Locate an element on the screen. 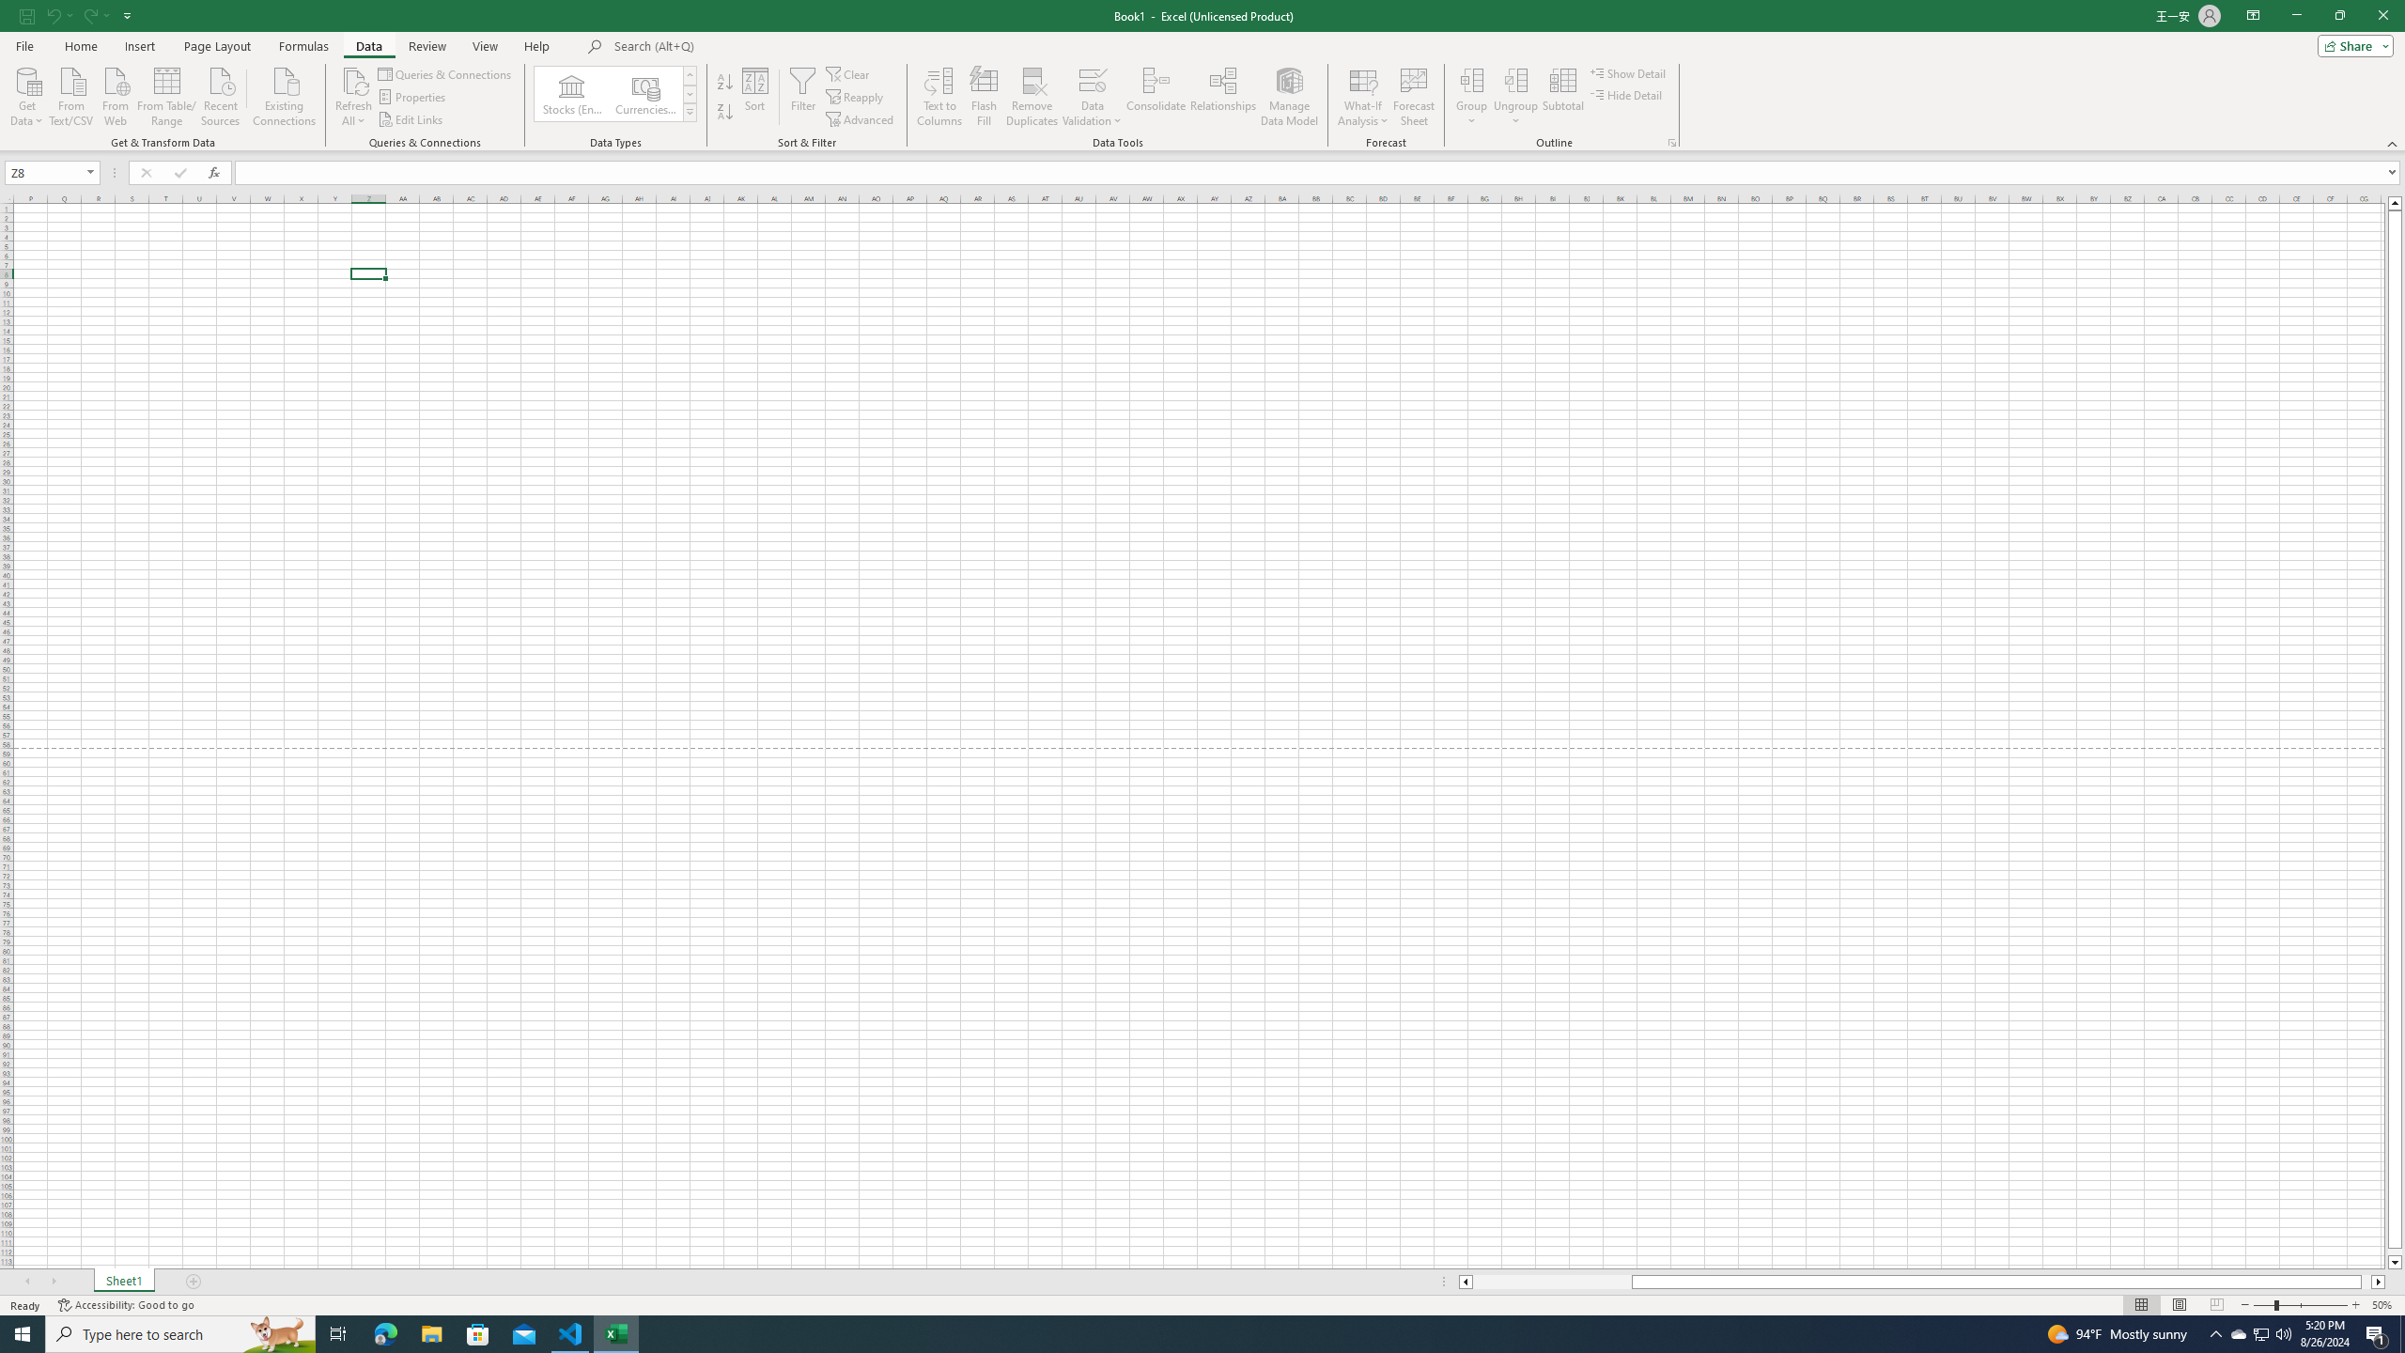 The width and height of the screenshot is (2405, 1353). 'Group...' is located at coordinates (1470, 79).